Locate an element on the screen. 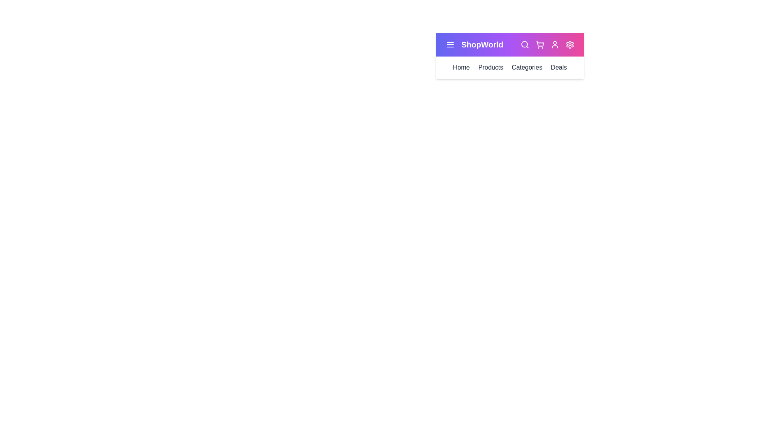 The image size is (759, 427). the search icon to initiate a search is located at coordinates (525, 44).